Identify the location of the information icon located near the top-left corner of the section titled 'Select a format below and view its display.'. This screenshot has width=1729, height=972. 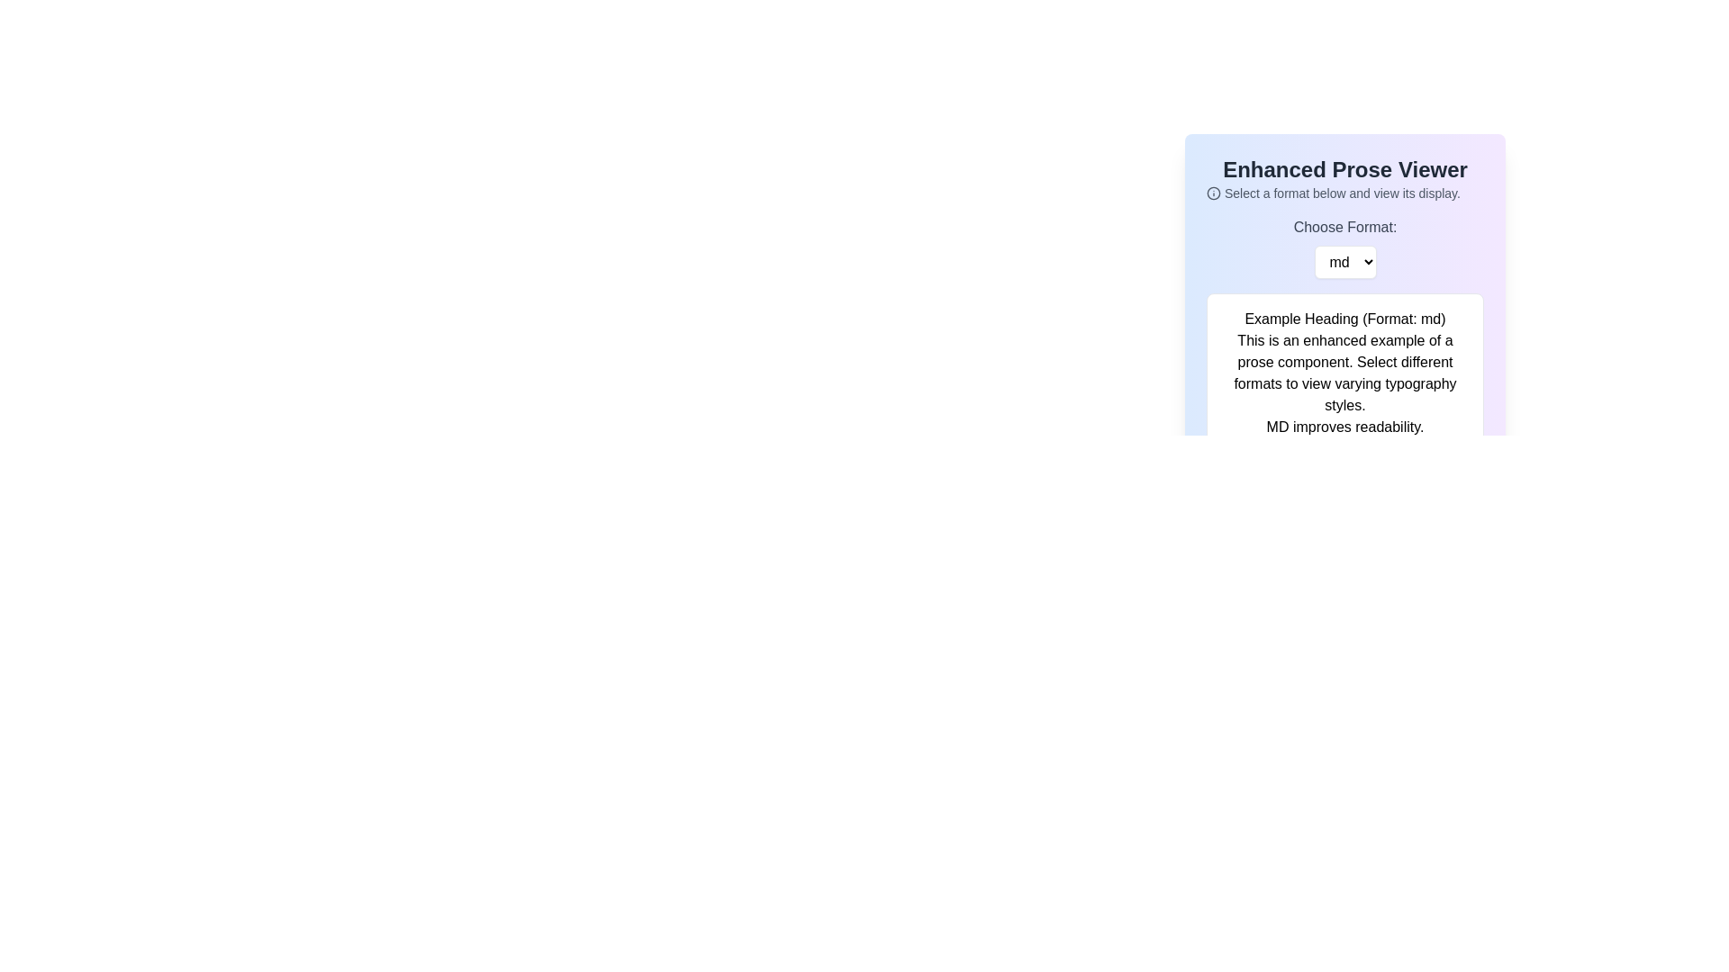
(1214, 193).